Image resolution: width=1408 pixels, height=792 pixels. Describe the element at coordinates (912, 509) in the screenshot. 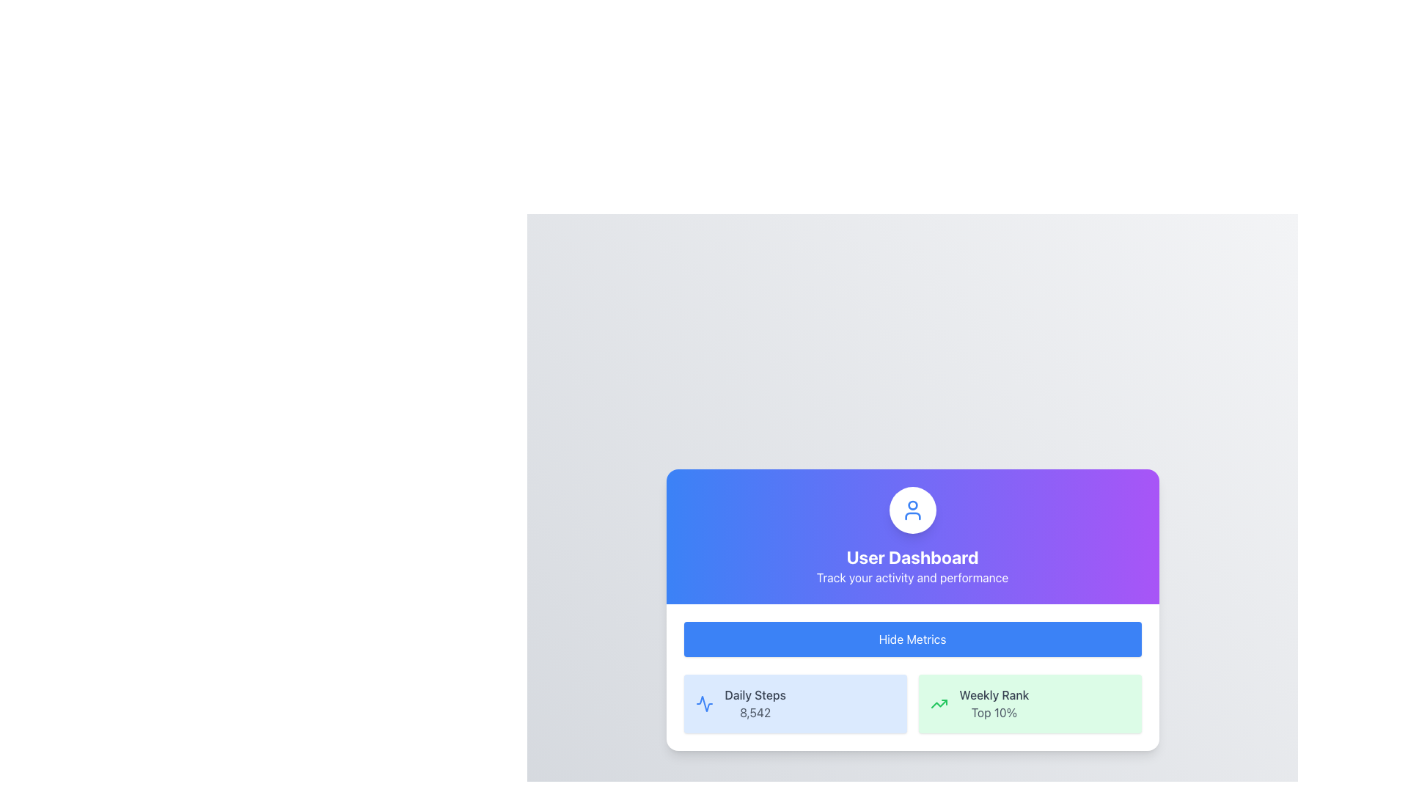

I see `the decorative icon in the 'User Dashboard' section, located at the top-center area above the 'User Dashboard' text` at that location.